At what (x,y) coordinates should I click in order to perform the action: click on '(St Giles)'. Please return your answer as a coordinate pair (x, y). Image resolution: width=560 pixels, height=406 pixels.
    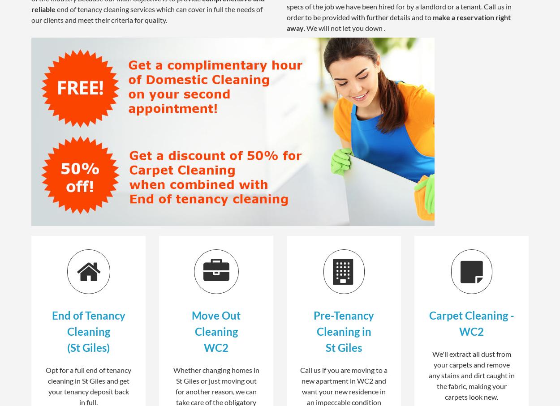
    Looking at the image, I should click on (88, 346).